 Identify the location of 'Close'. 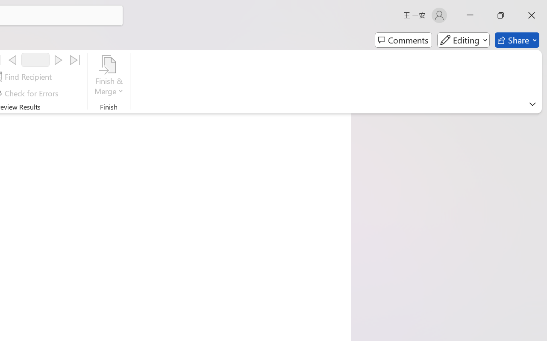
(531, 15).